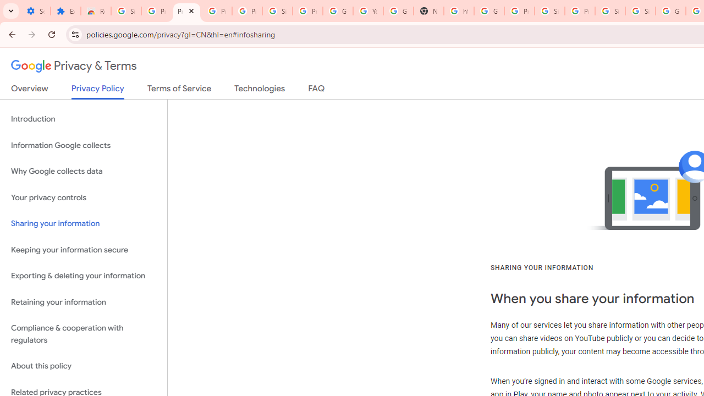 The width and height of the screenshot is (704, 396). What do you see at coordinates (83, 145) in the screenshot?
I see `'Information Google collects'` at bounding box center [83, 145].